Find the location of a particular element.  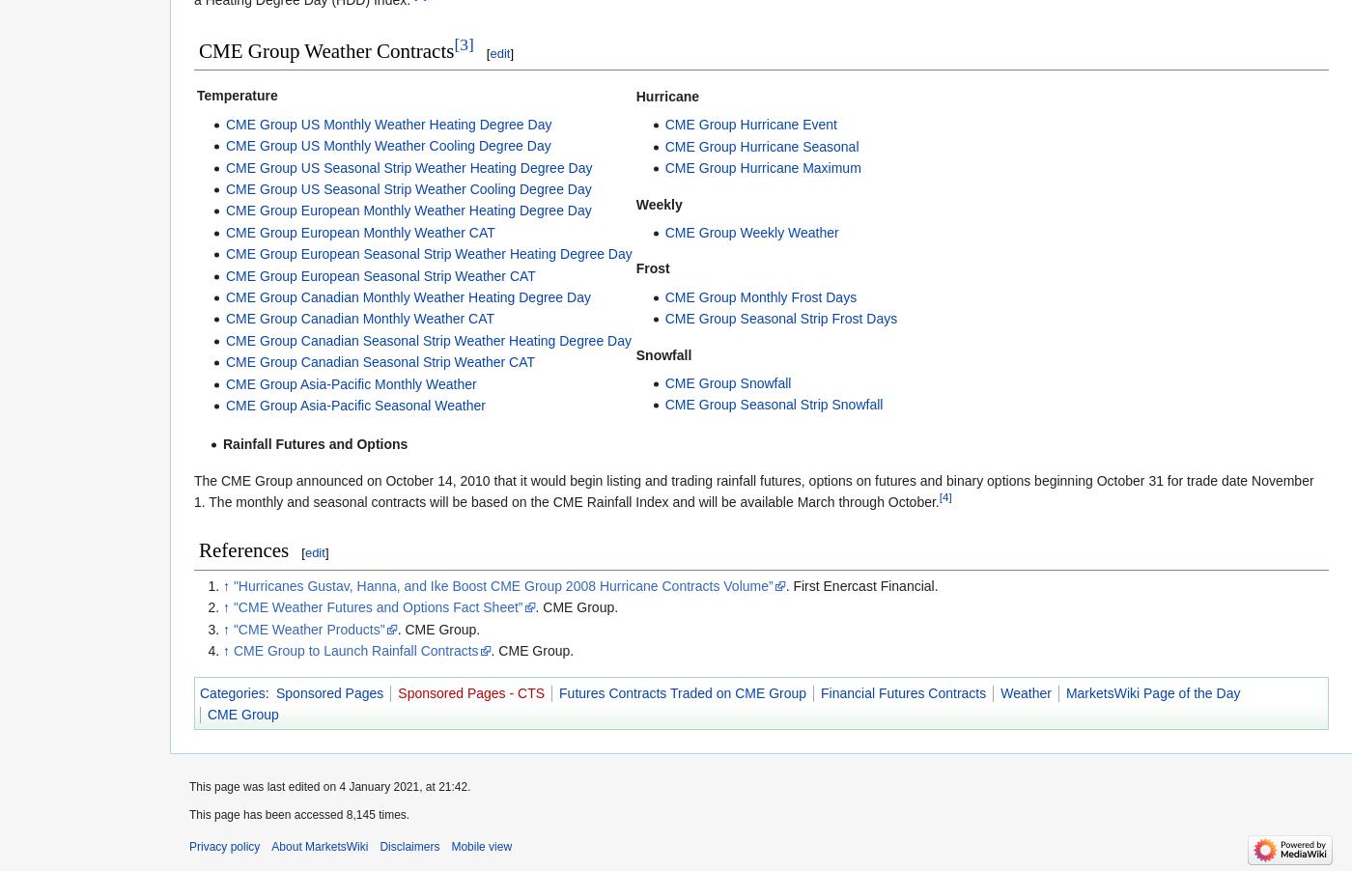

'CME Group US Monthly Weather Cooling Degree Day' is located at coordinates (387, 145).